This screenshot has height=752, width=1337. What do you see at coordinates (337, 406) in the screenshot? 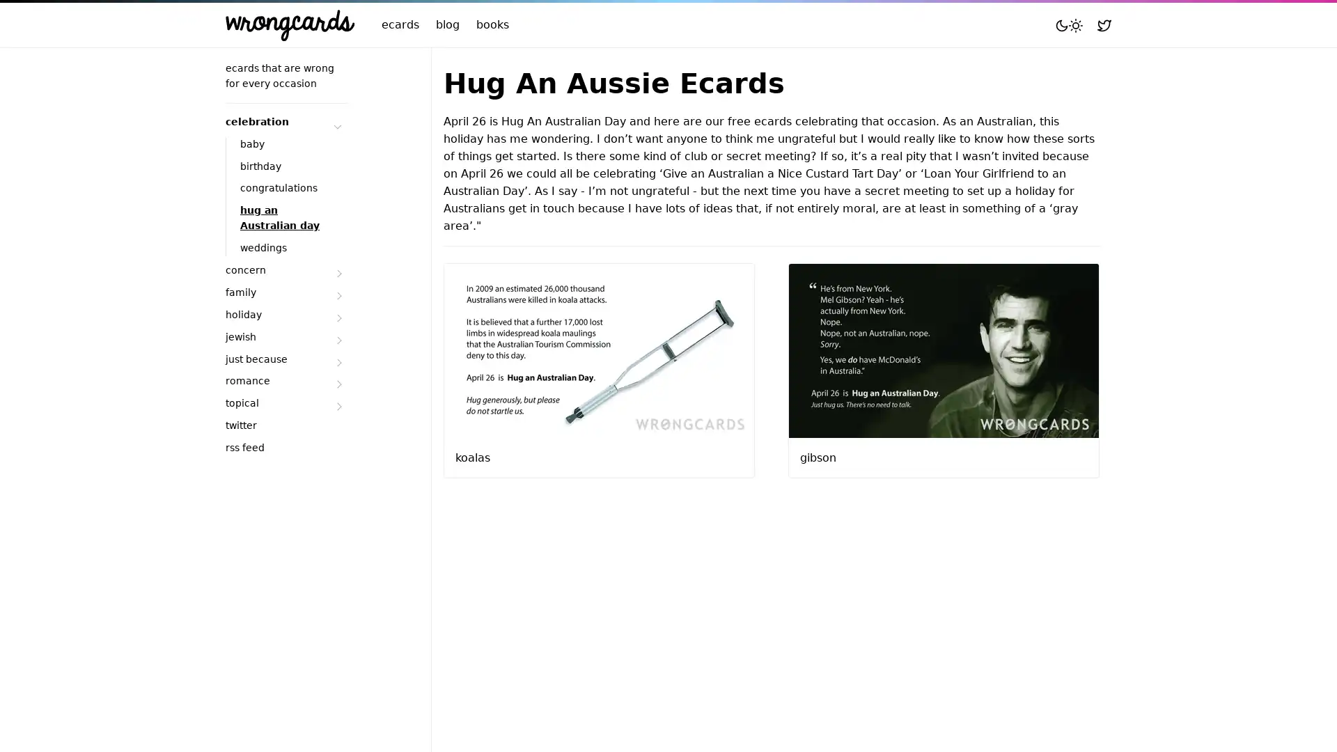
I see `Submenu` at bounding box center [337, 406].